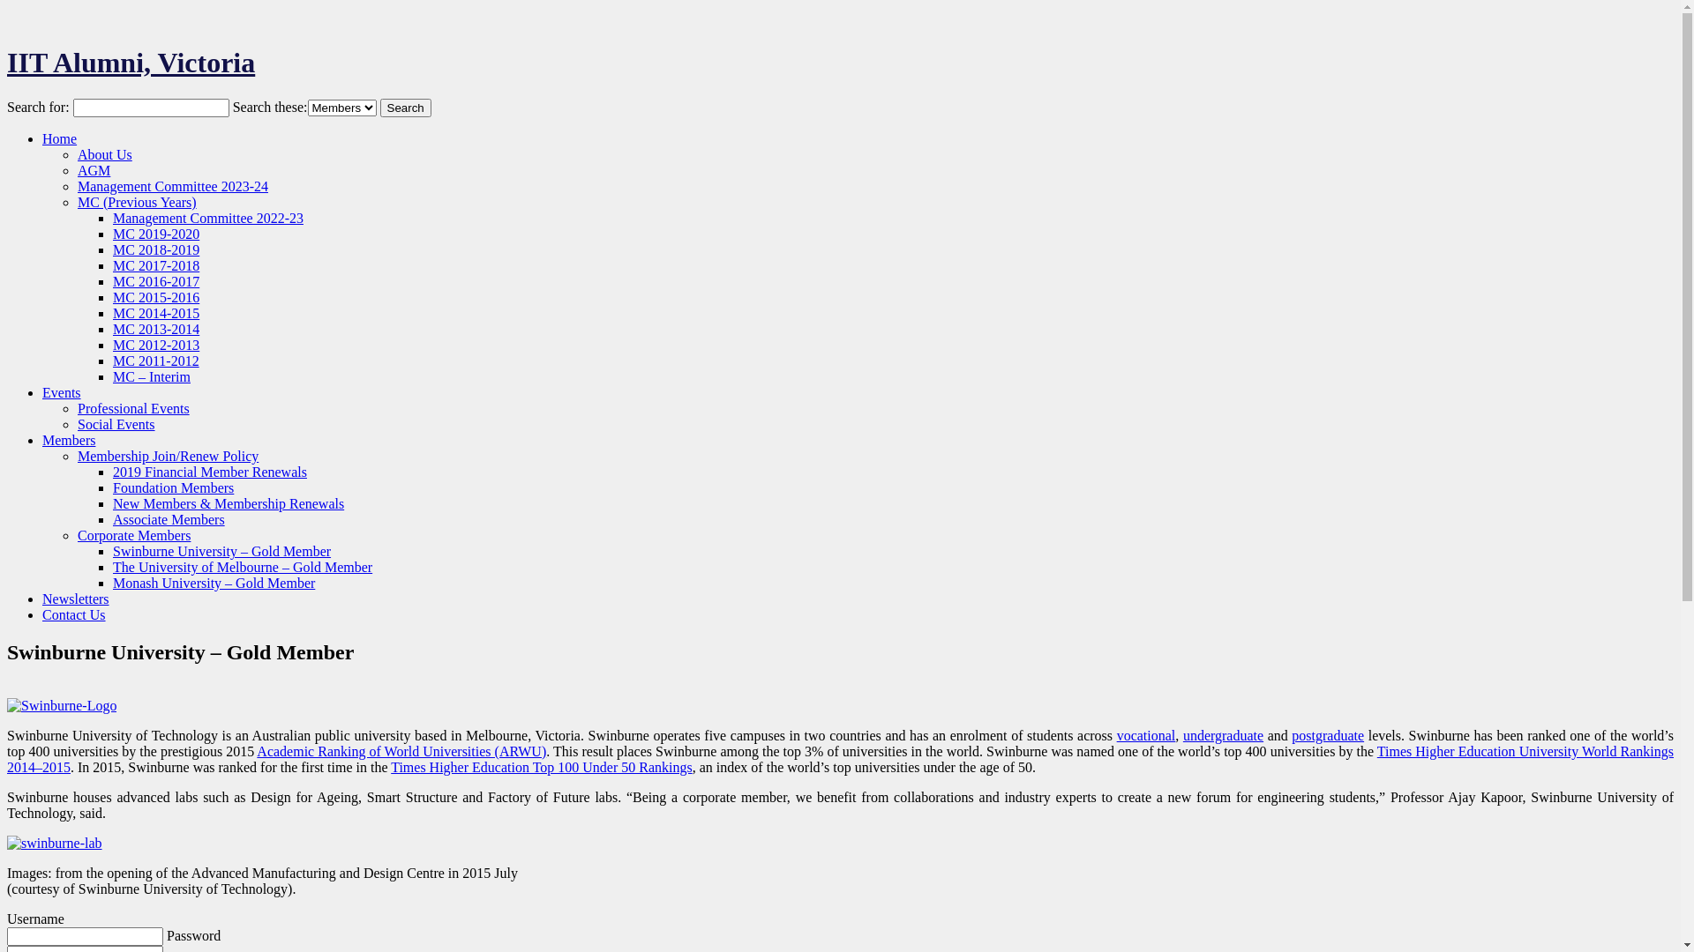 This screenshot has width=1694, height=952. Describe the element at coordinates (76, 186) in the screenshot. I see `'Management Committee 2023-24'` at that location.